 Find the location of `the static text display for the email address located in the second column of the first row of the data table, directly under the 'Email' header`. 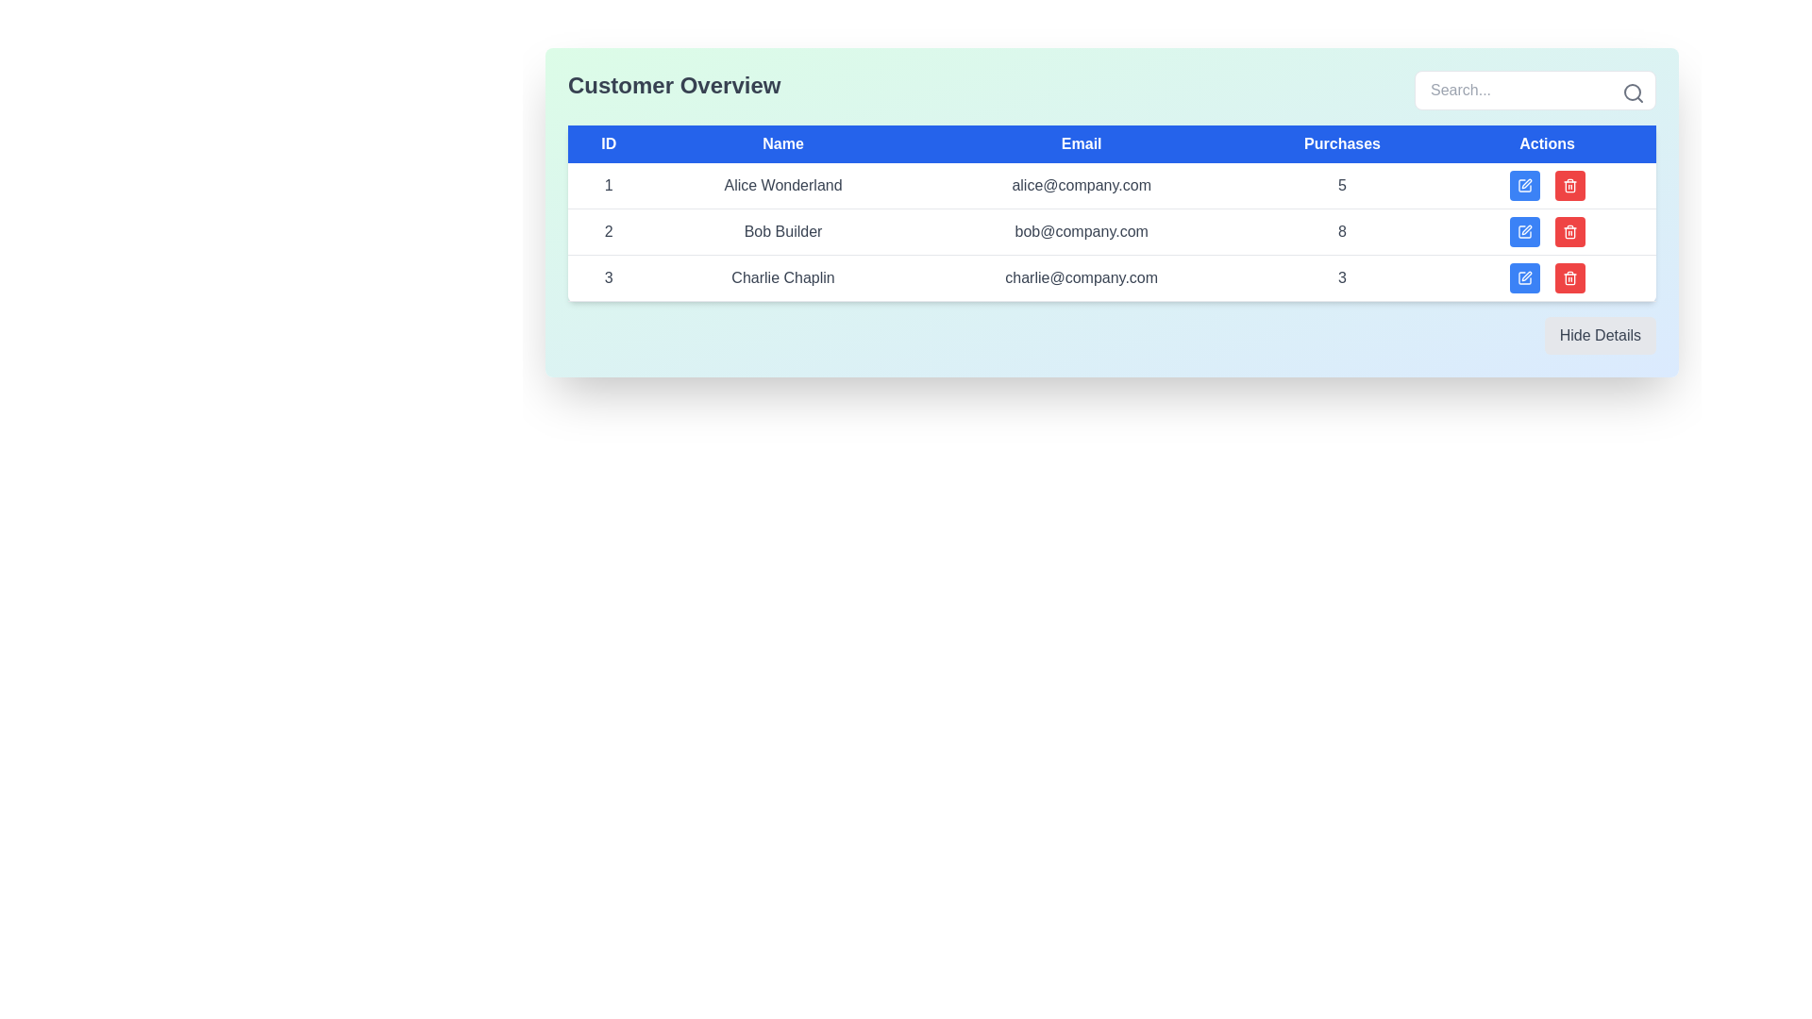

the static text display for the email address located in the second column of the first row of the data table, directly under the 'Email' header is located at coordinates (1082, 186).